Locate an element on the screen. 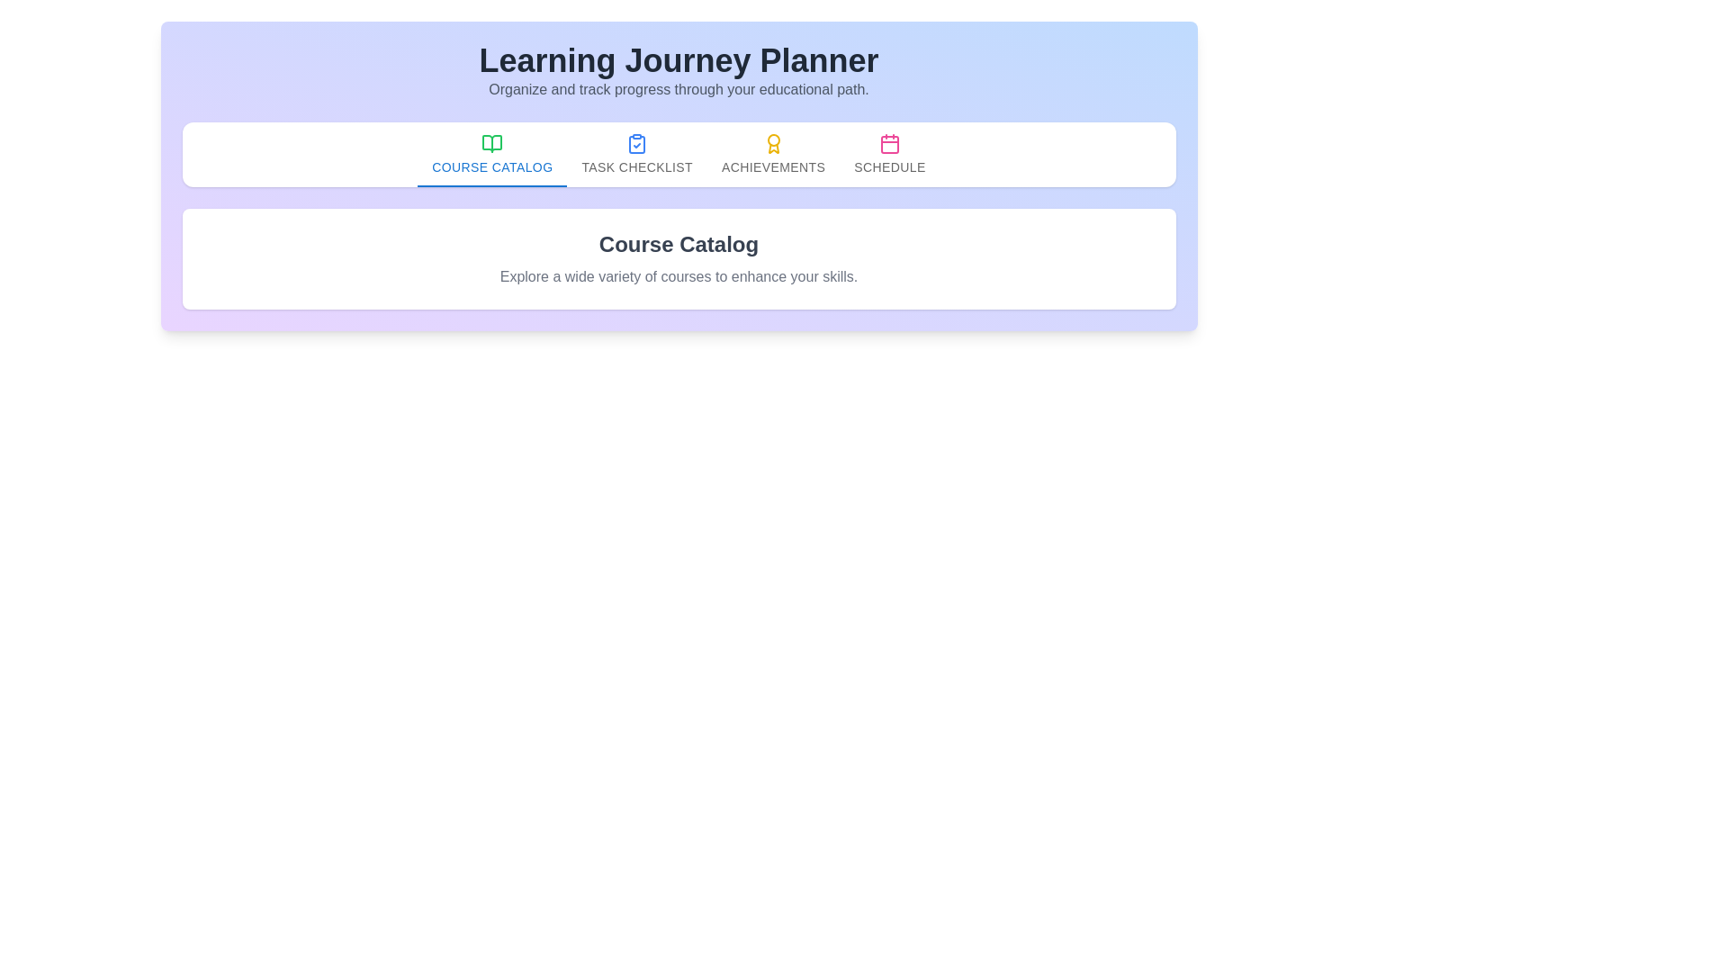  header text for the 'Course Catalog' section, which is centrally located below the primary navigation tabs is located at coordinates (678, 245).